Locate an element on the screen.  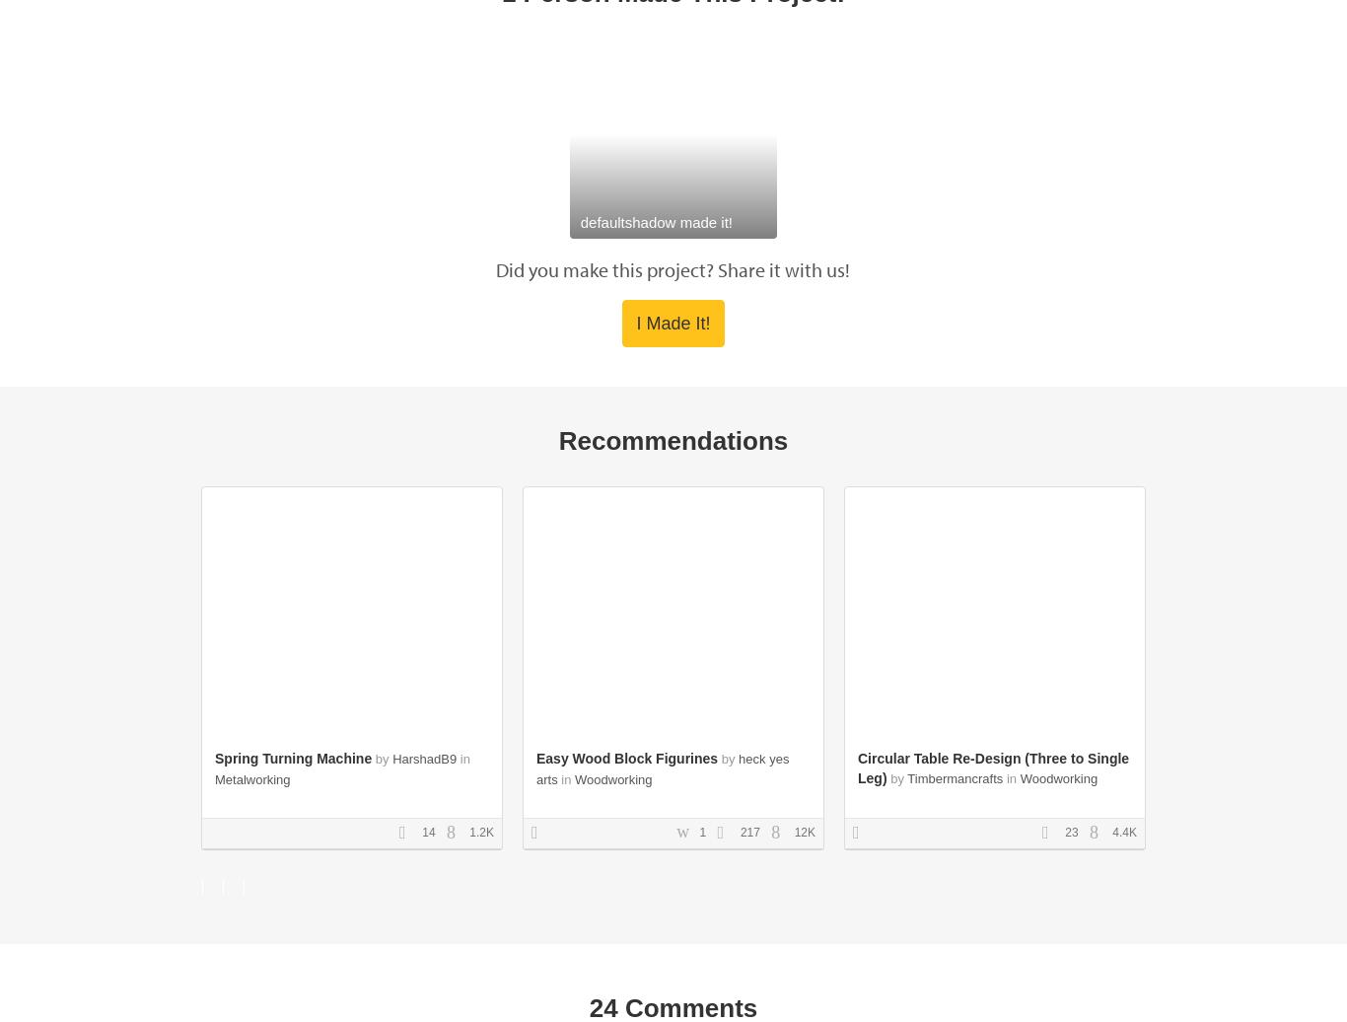
'12K' is located at coordinates (802, 831).